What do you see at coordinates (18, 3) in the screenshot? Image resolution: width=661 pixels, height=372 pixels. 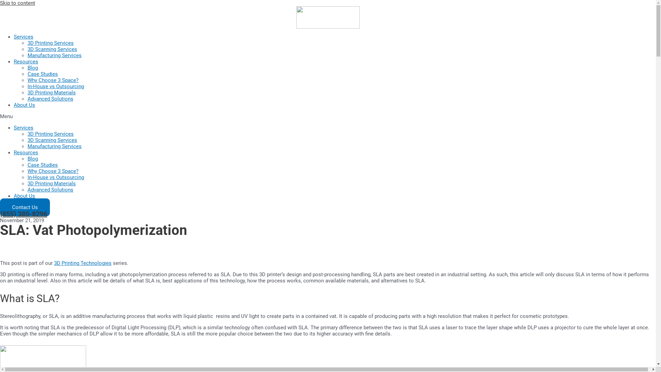 I see `'Skip to content'` at bounding box center [18, 3].